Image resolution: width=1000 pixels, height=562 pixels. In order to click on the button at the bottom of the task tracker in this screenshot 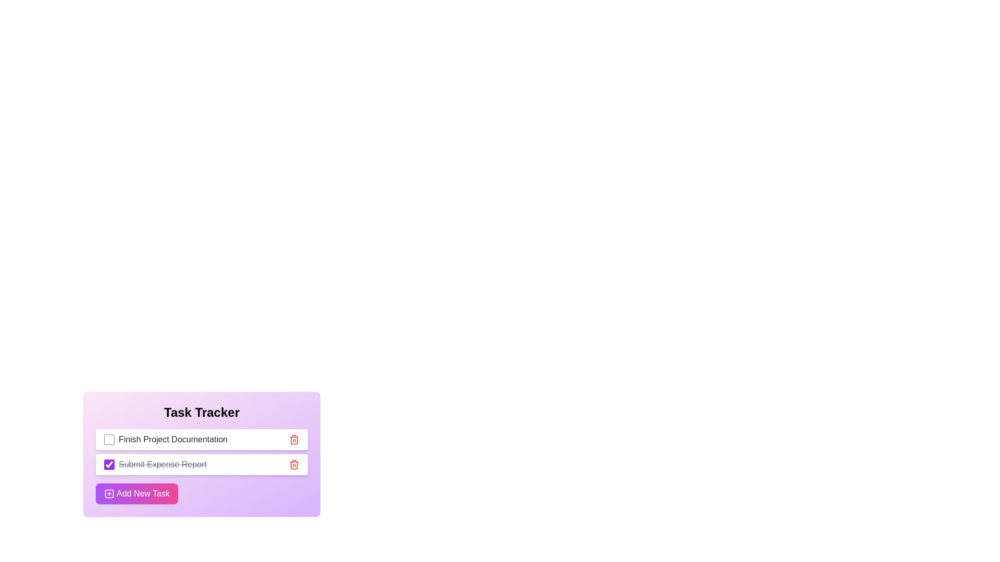, I will do `click(136, 493)`.